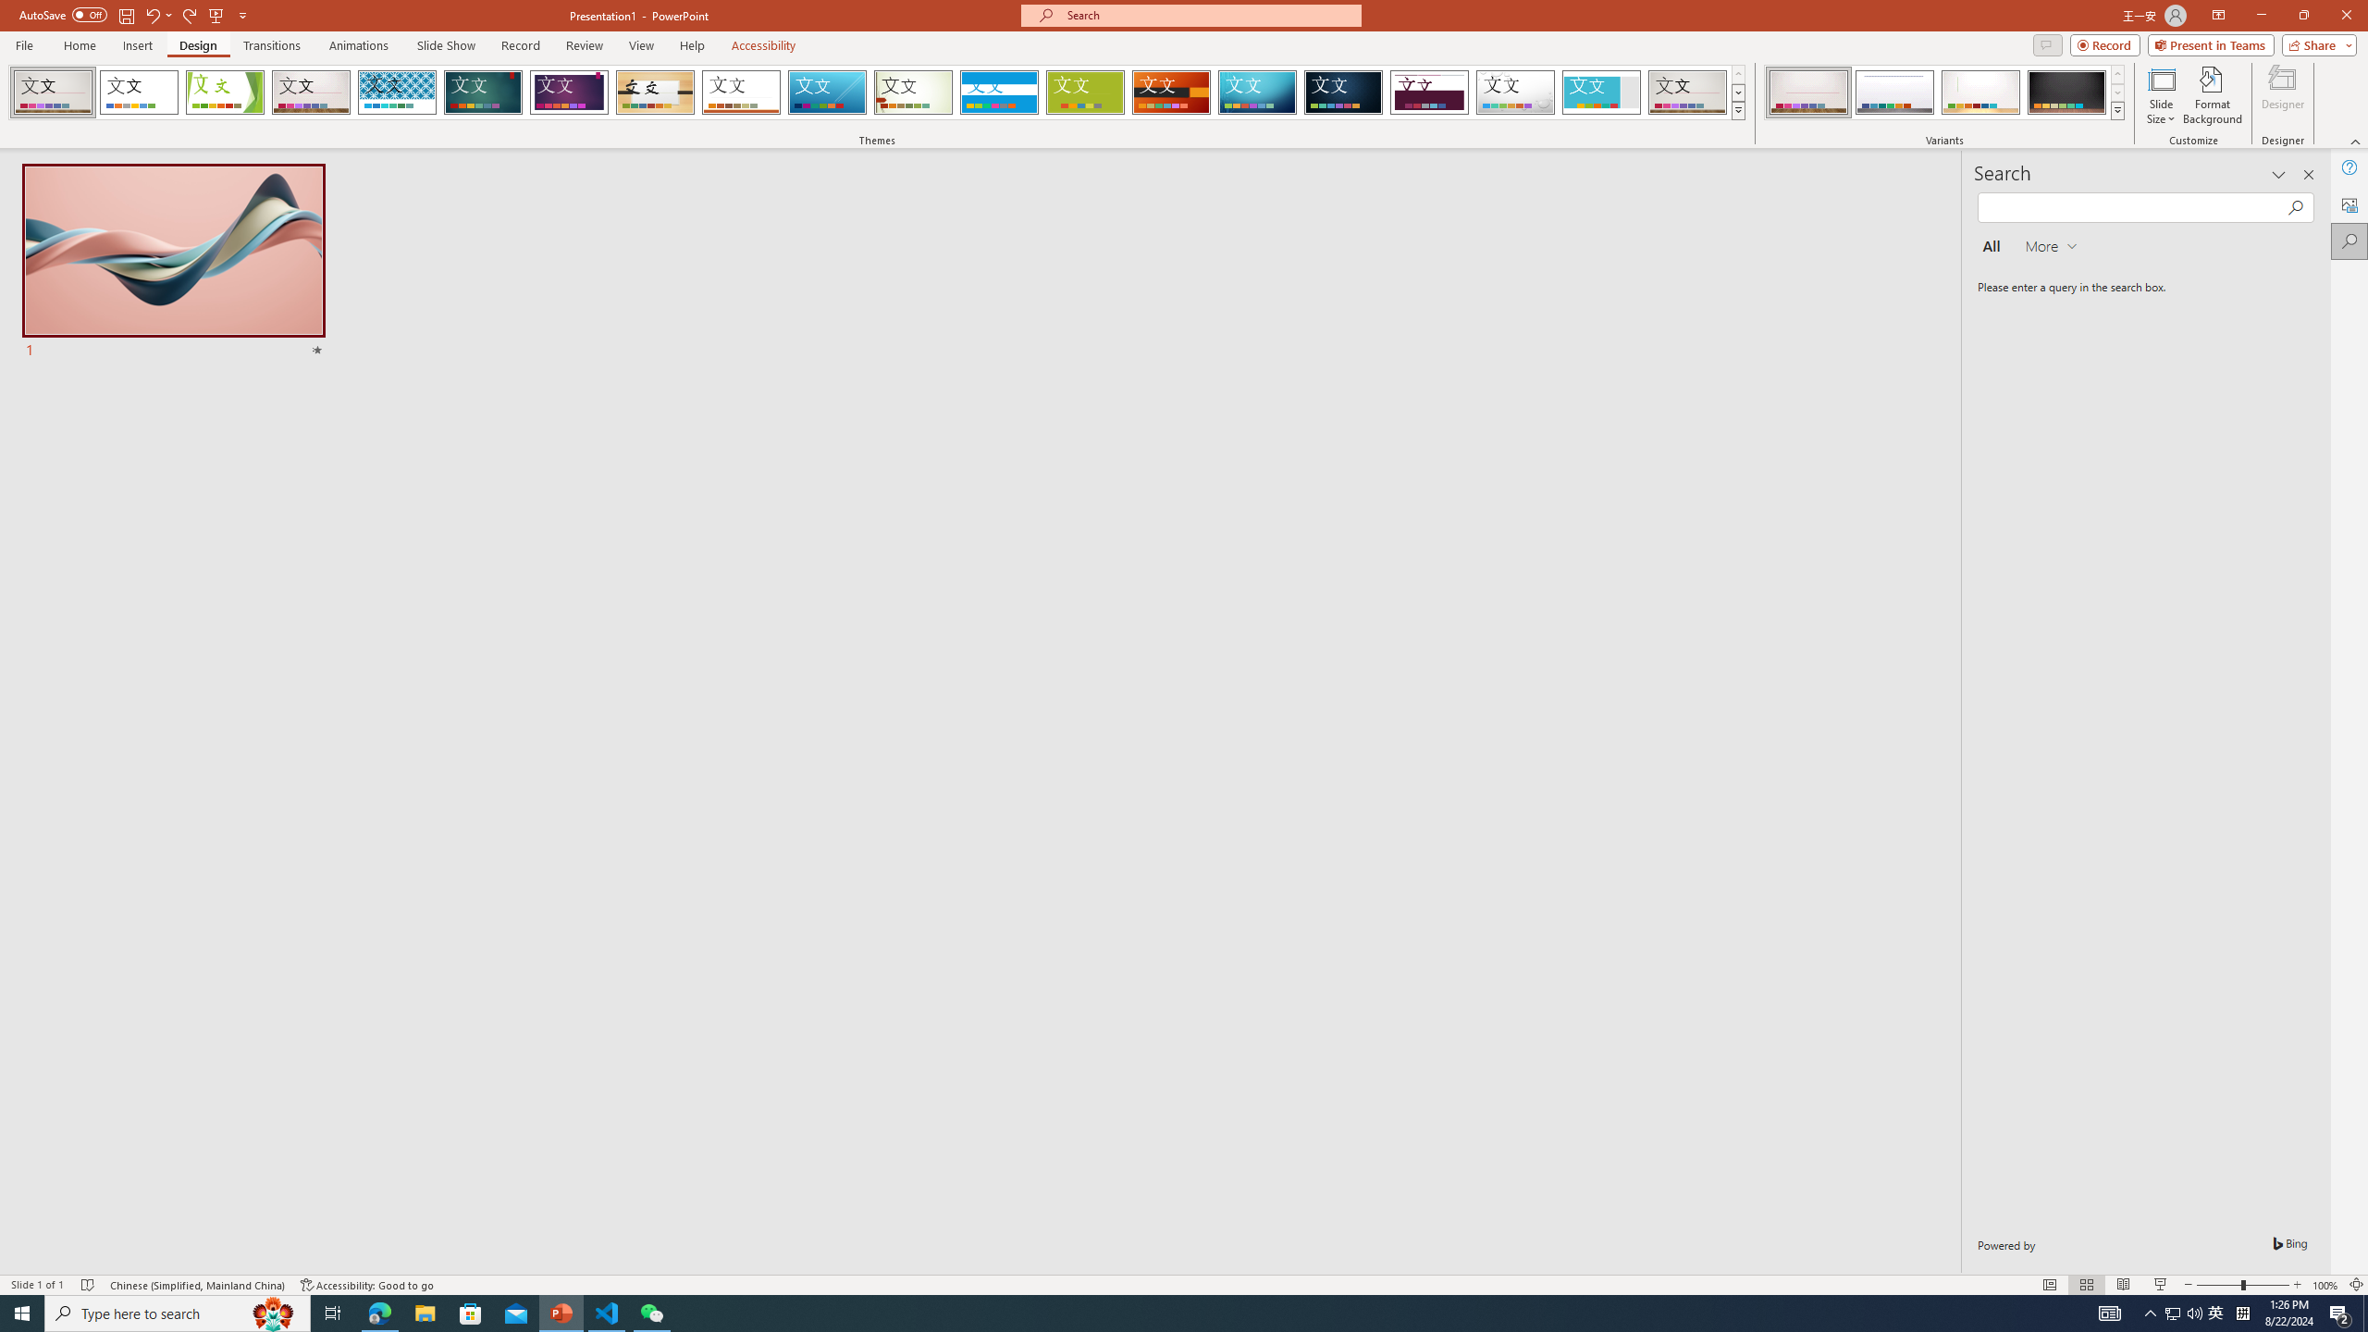 Image resolution: width=2368 pixels, height=1332 pixels. Describe the element at coordinates (1893, 92) in the screenshot. I see `'Gallery Variant 2'` at that location.